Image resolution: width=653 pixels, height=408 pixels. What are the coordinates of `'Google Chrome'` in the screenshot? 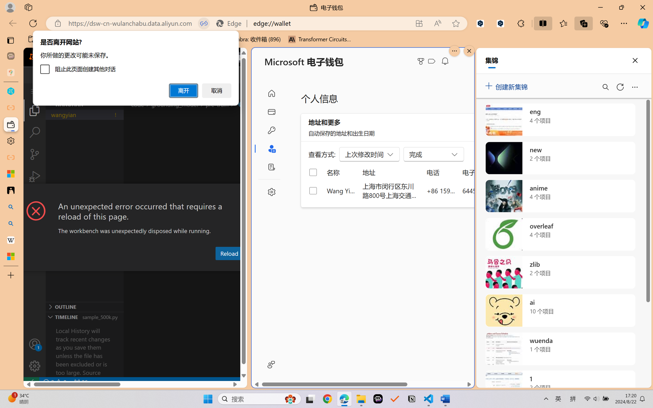 It's located at (327, 399).